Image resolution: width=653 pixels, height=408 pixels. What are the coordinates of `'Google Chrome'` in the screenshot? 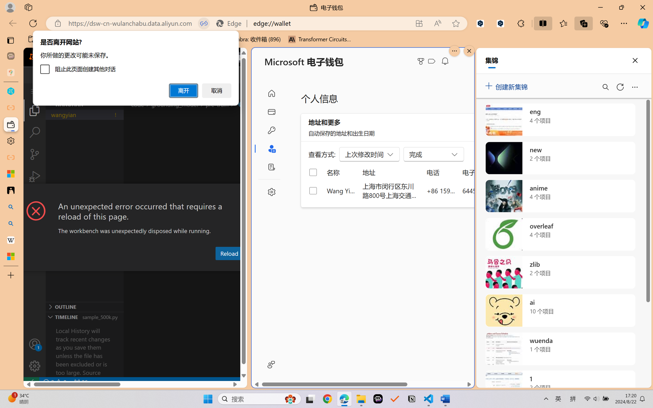 It's located at (327, 399).